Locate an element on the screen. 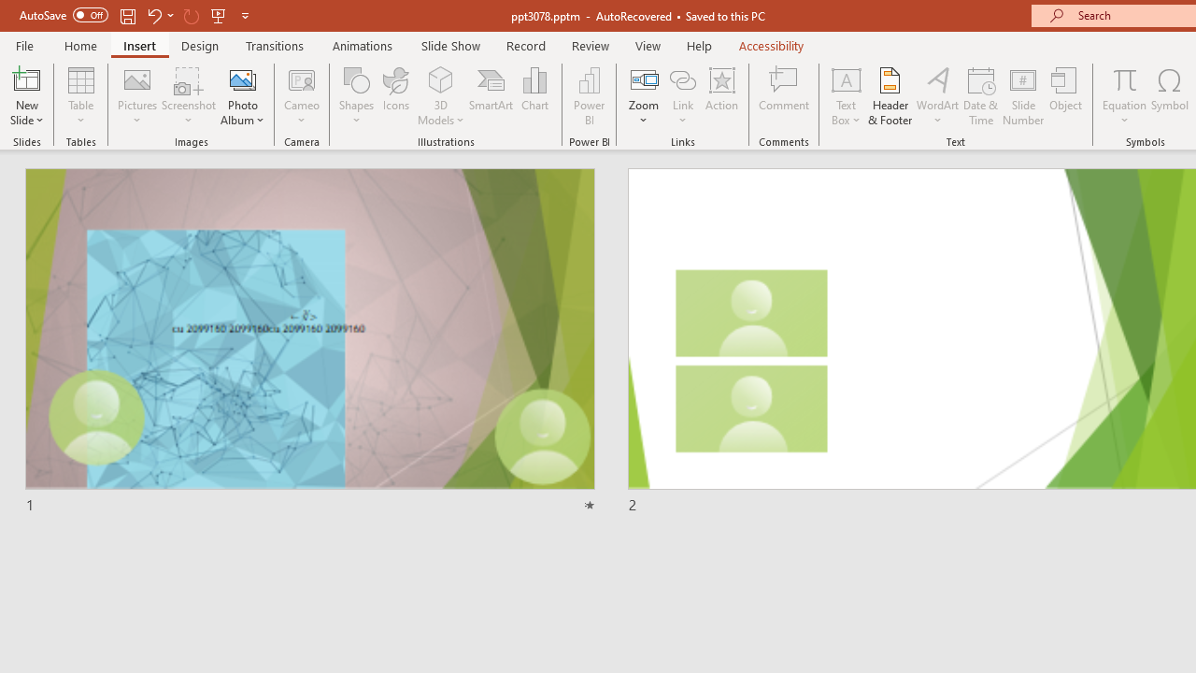  'Header & Footer...' is located at coordinates (889, 96).